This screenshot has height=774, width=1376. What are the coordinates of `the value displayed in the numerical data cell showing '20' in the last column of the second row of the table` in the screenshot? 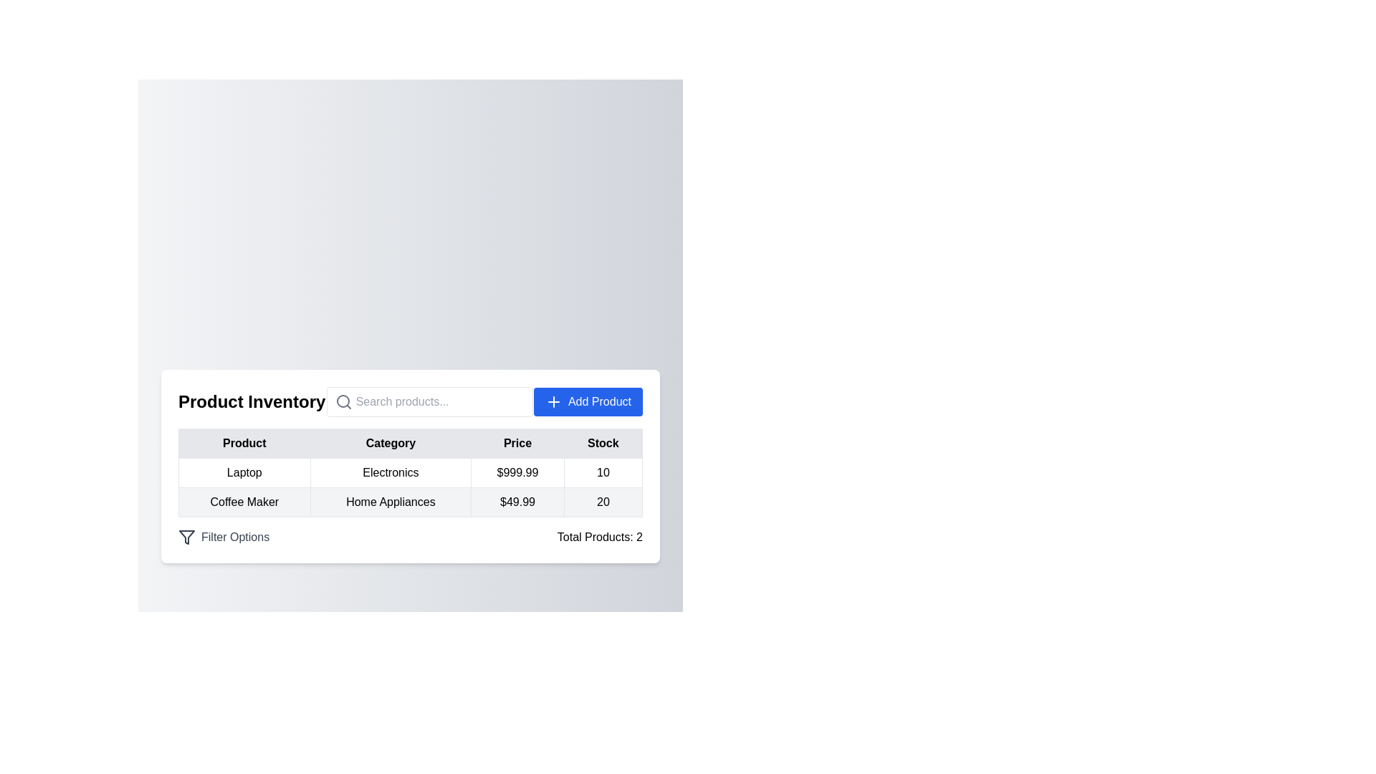 It's located at (603, 502).